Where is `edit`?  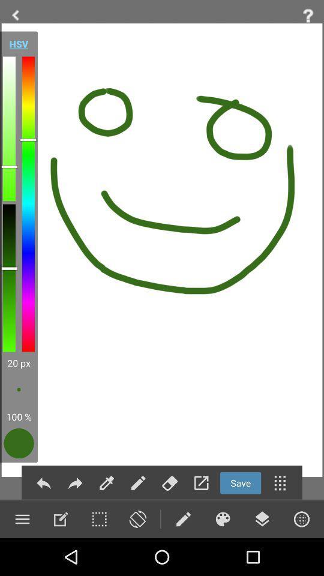
edit is located at coordinates (107, 483).